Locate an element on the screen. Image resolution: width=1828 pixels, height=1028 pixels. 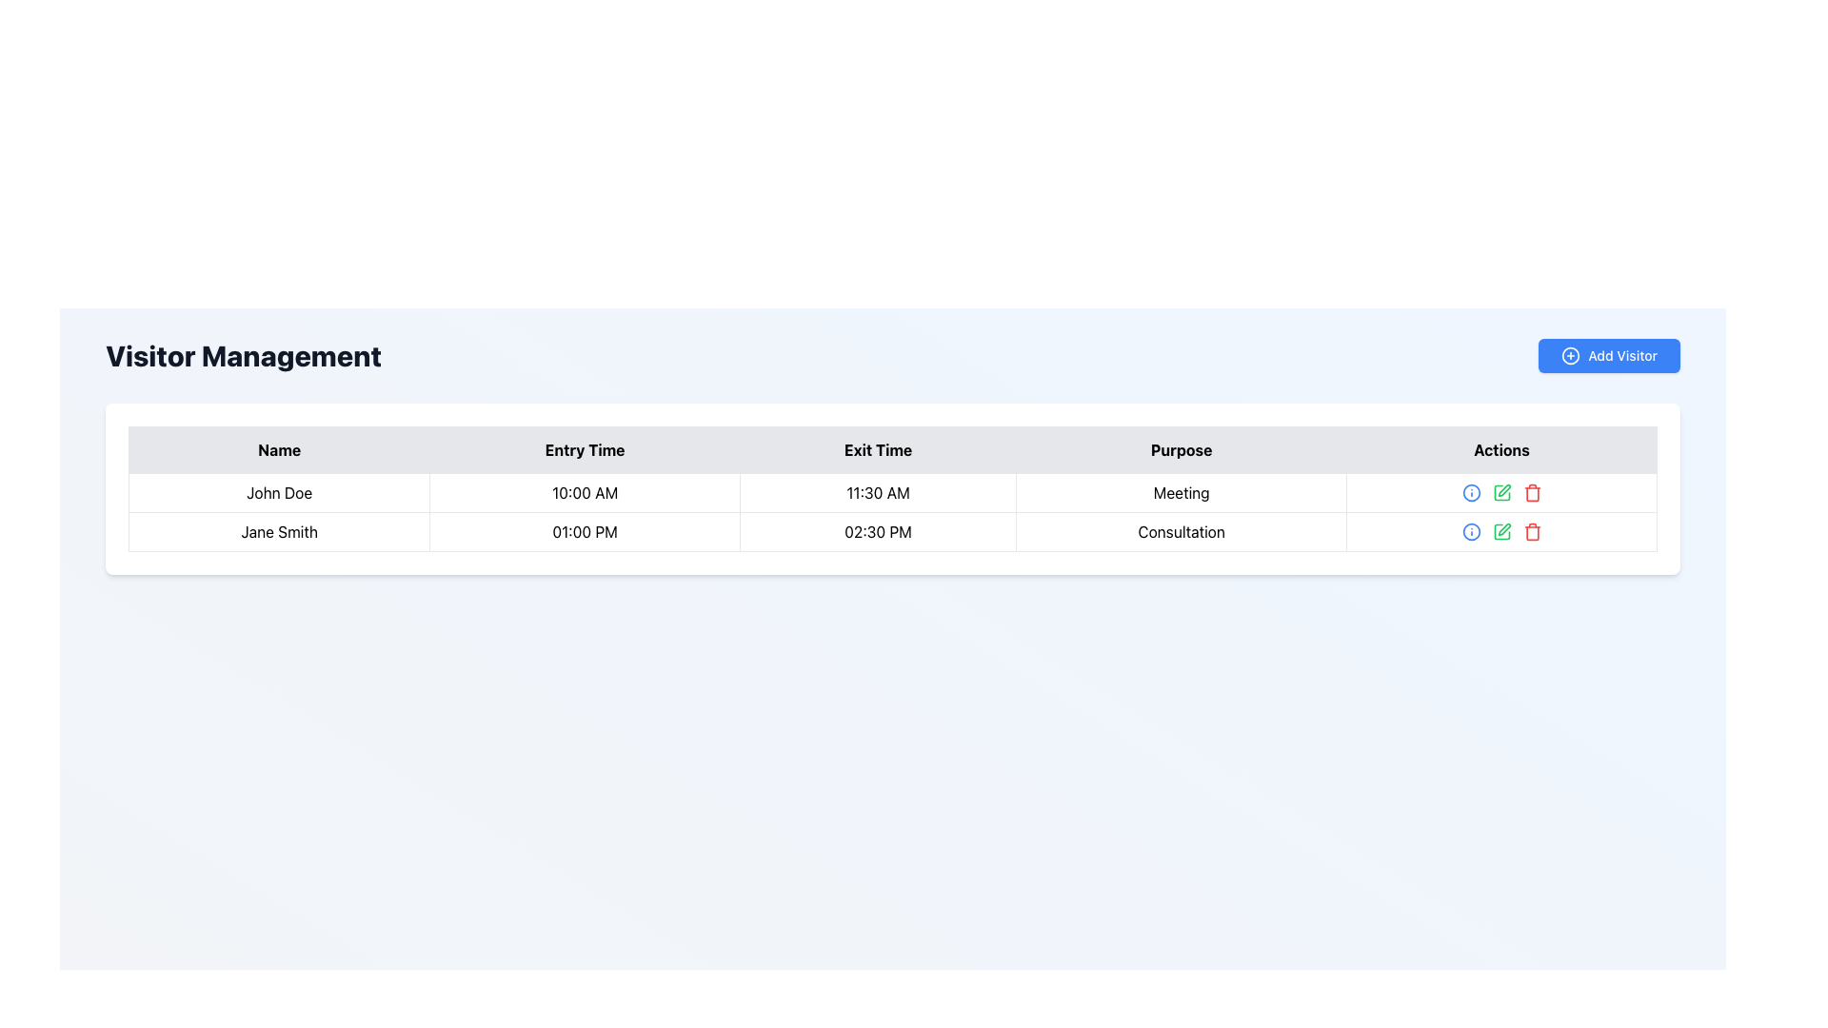
the square-shaped icon in the Actions column of the second row of the table is located at coordinates (1500, 532).